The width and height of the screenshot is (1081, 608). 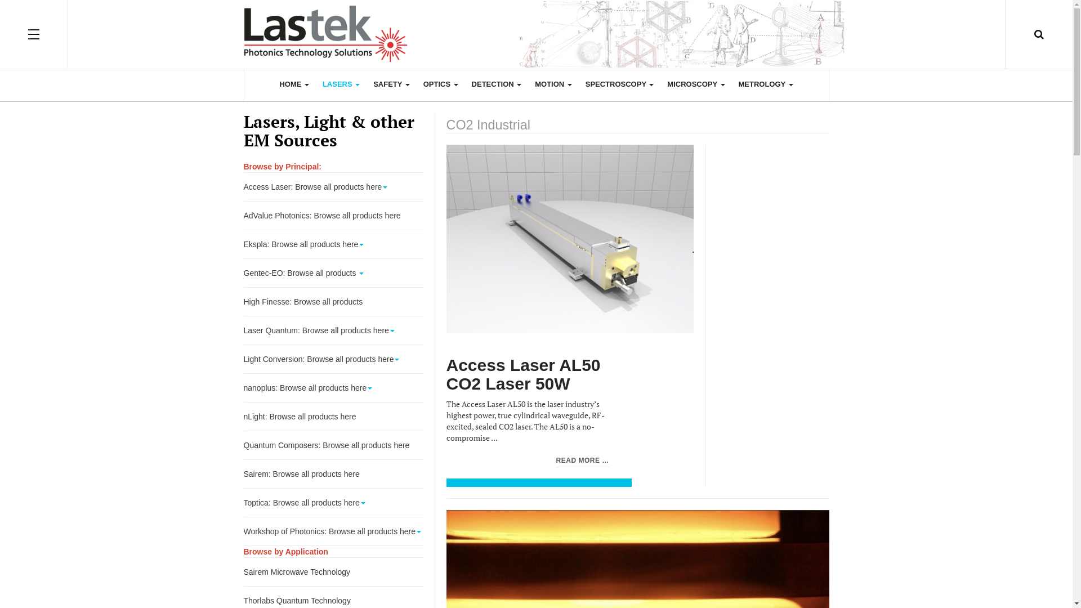 What do you see at coordinates (33, 33) in the screenshot?
I see `'OFF CANVAS'` at bounding box center [33, 33].